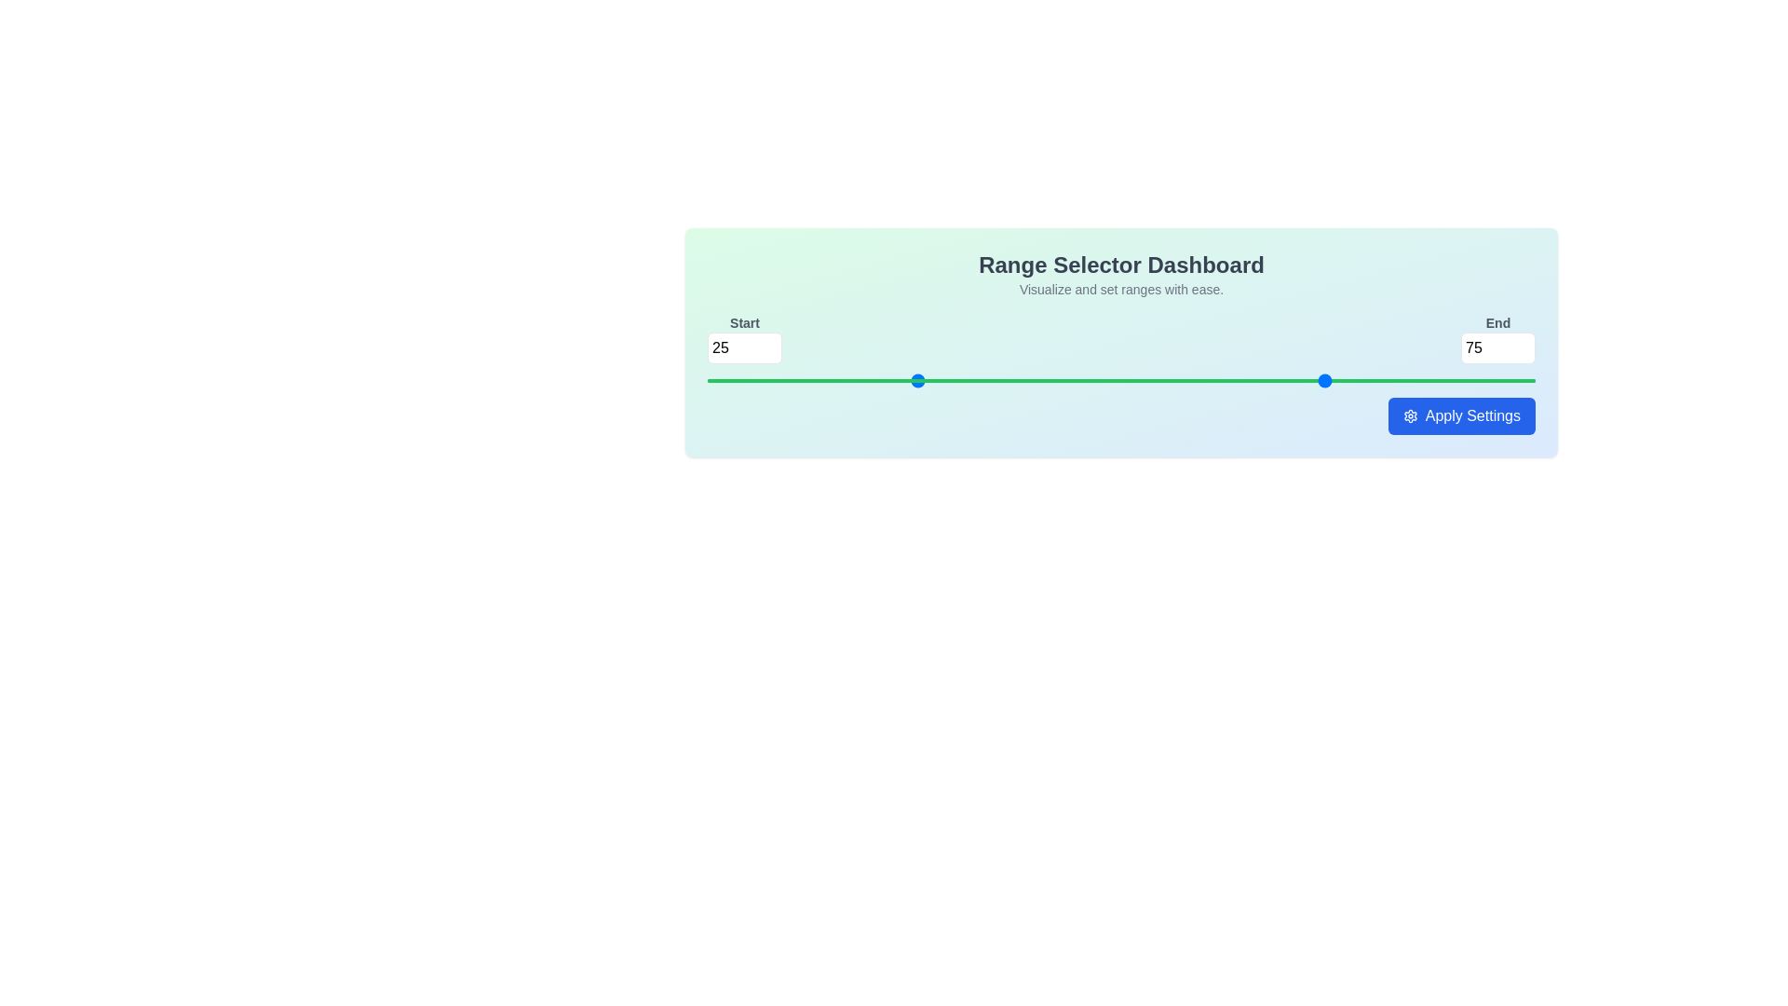  What do you see at coordinates (745, 322) in the screenshot?
I see `the Text label that indicates the starting value for a range, located at the top-left corner of the user interface` at bounding box center [745, 322].